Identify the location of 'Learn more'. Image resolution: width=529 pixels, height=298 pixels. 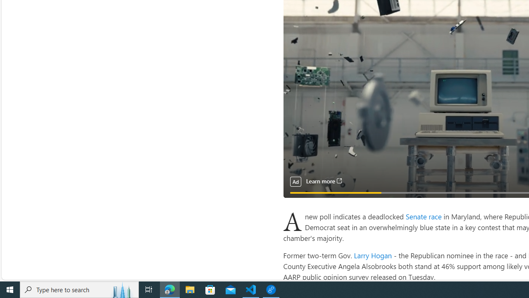
(323, 181).